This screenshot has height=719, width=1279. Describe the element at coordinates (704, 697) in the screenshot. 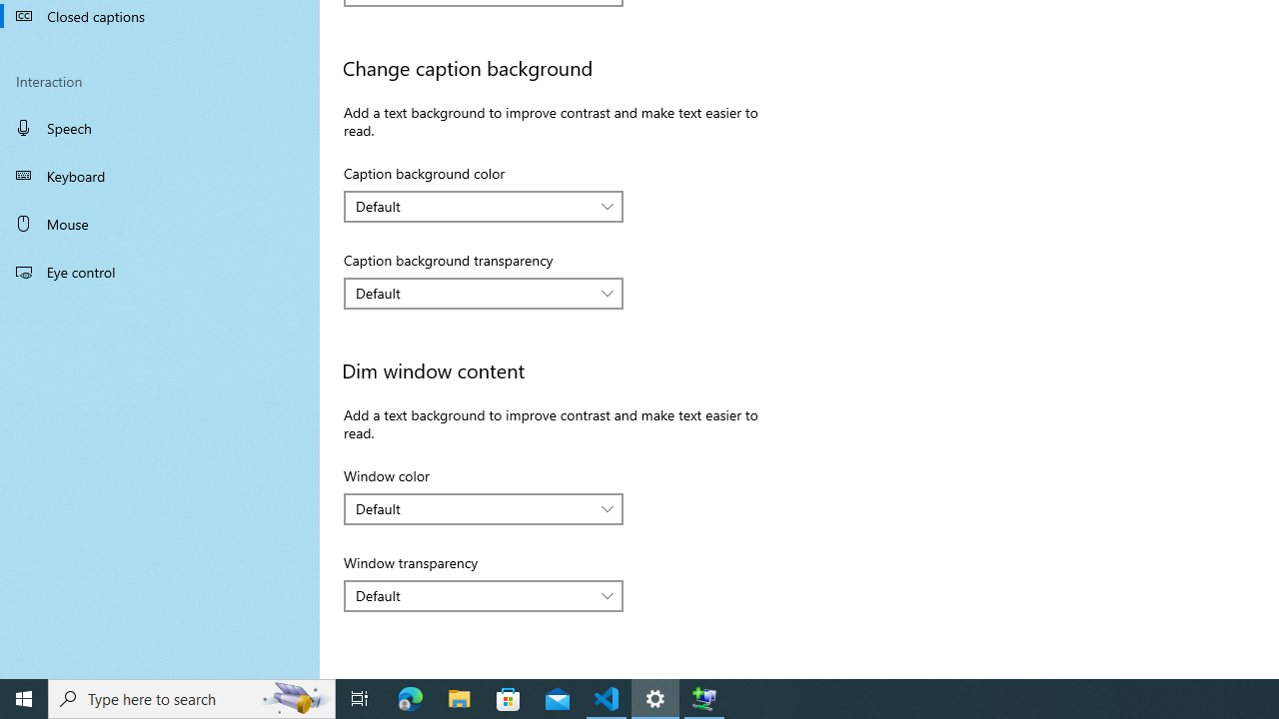

I see `'Extensible Wizards Host Process - 1 running window'` at that location.